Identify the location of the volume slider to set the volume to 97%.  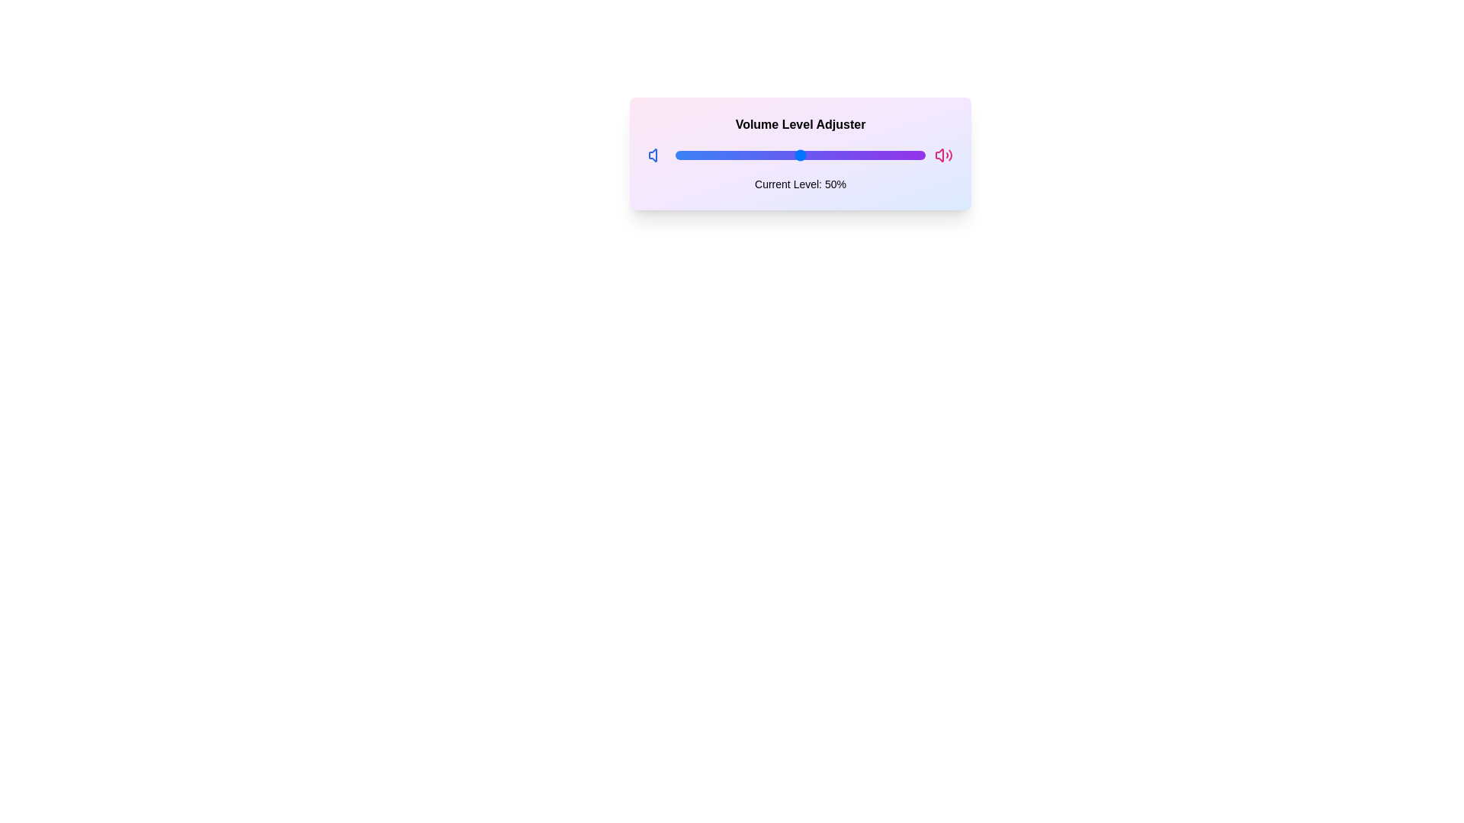
(917, 155).